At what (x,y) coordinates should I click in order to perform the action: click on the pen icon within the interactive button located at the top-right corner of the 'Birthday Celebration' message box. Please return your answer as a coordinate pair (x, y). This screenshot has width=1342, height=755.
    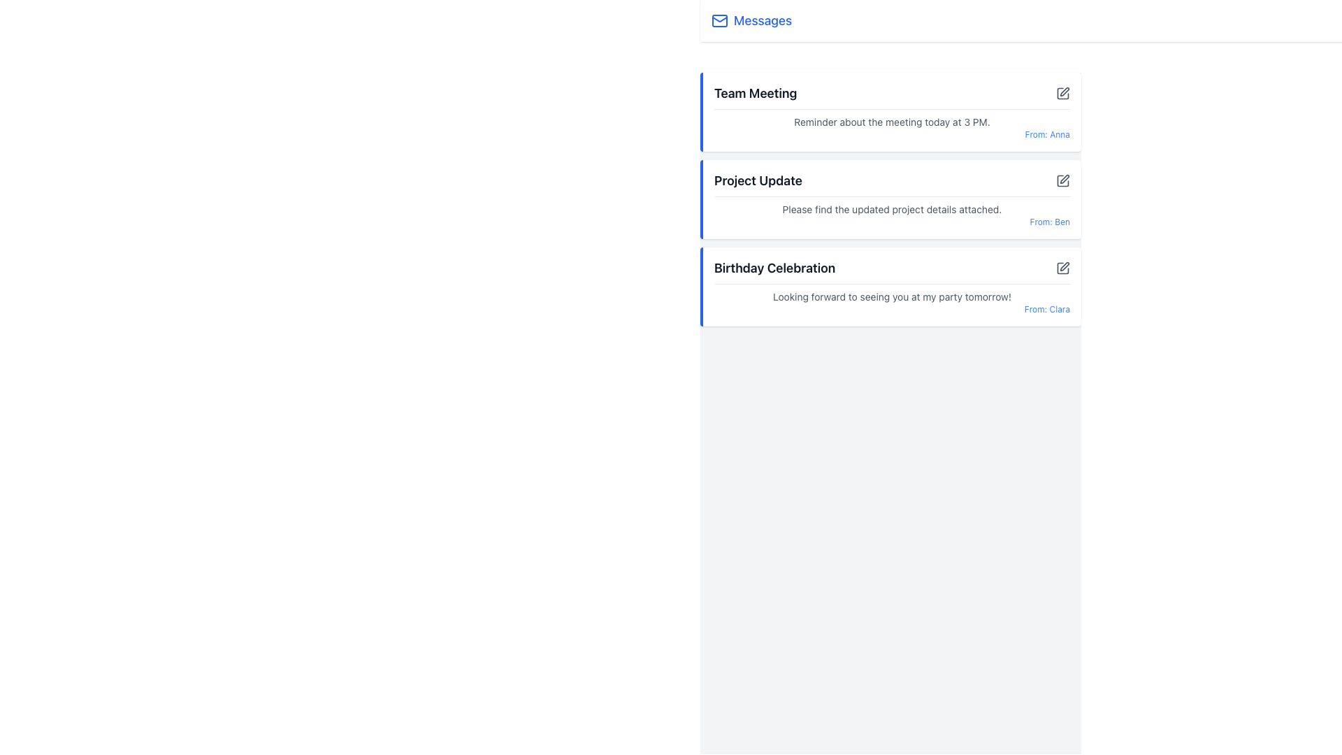
    Looking at the image, I should click on (1064, 266).